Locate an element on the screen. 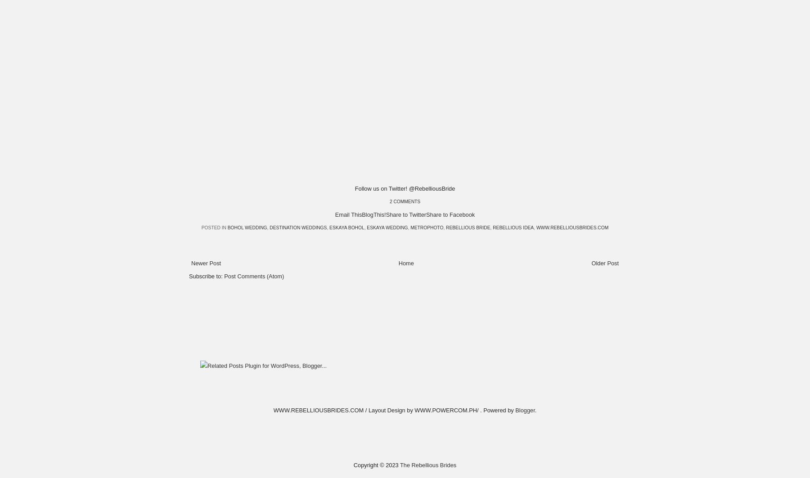 The height and width of the screenshot is (478, 810). 'Older Post' is located at coordinates (605, 262).